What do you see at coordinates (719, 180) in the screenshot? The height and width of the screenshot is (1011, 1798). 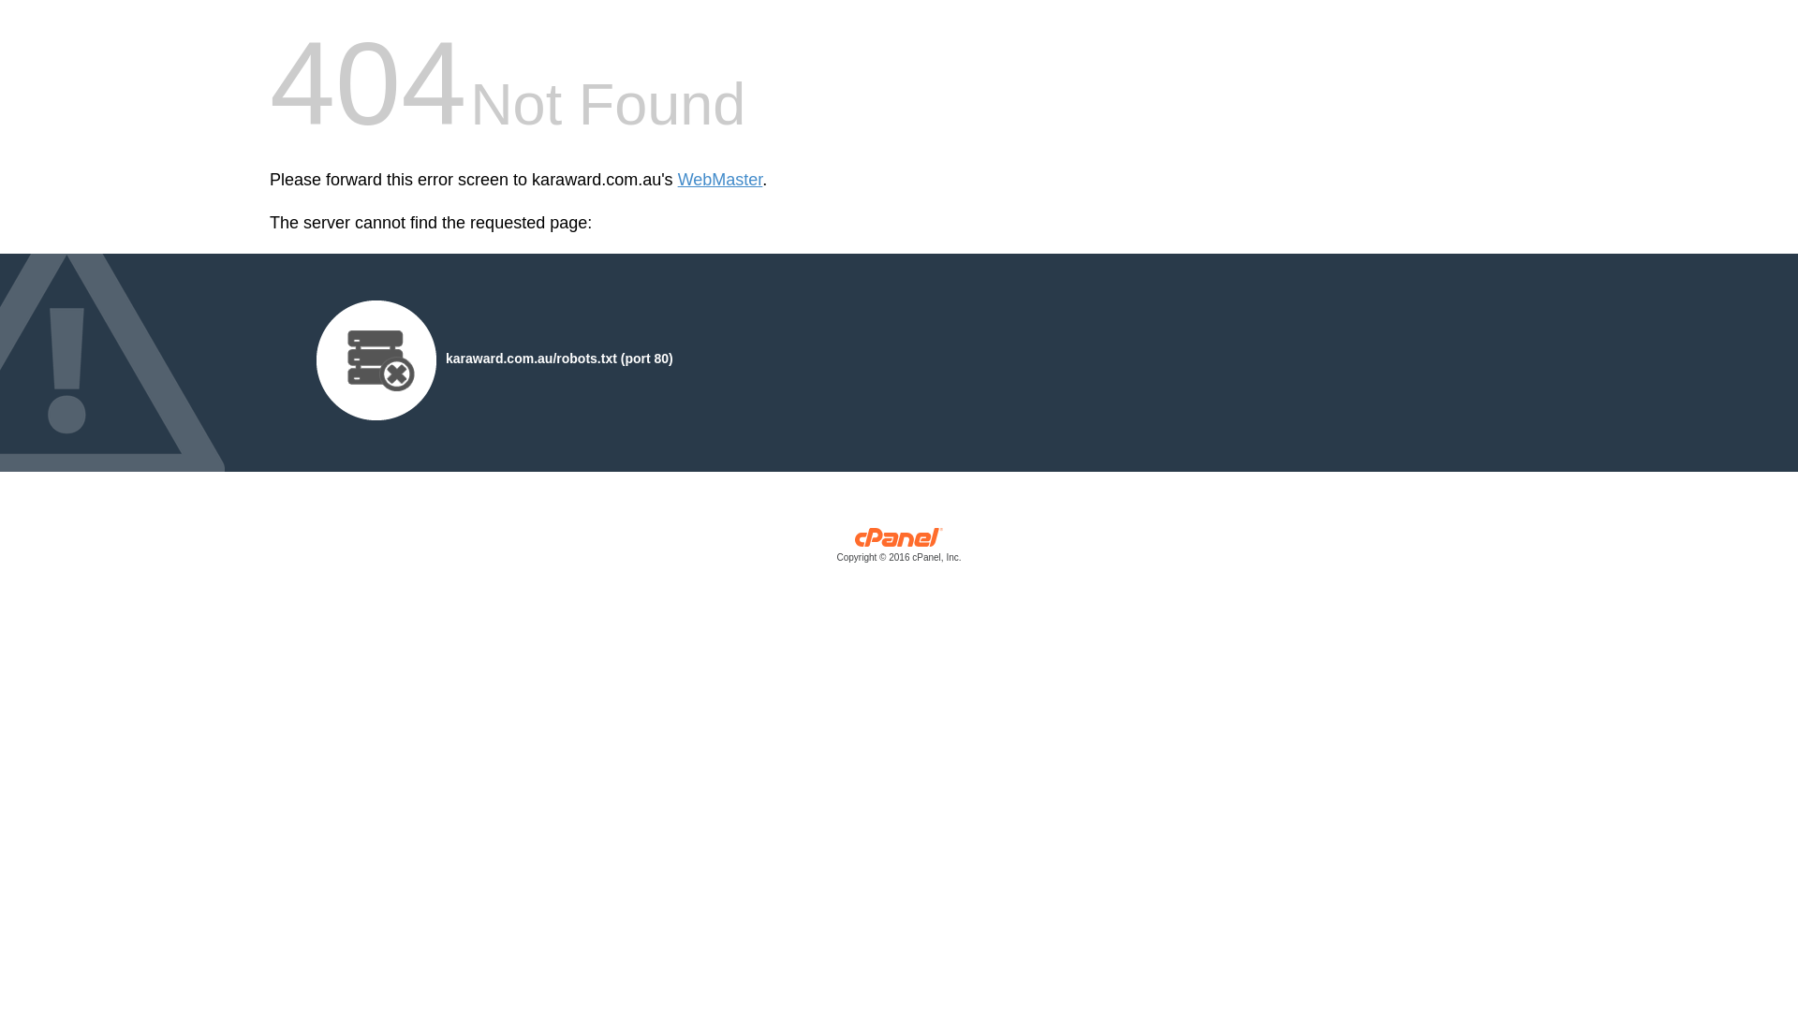 I see `'WebMaster'` at bounding box center [719, 180].